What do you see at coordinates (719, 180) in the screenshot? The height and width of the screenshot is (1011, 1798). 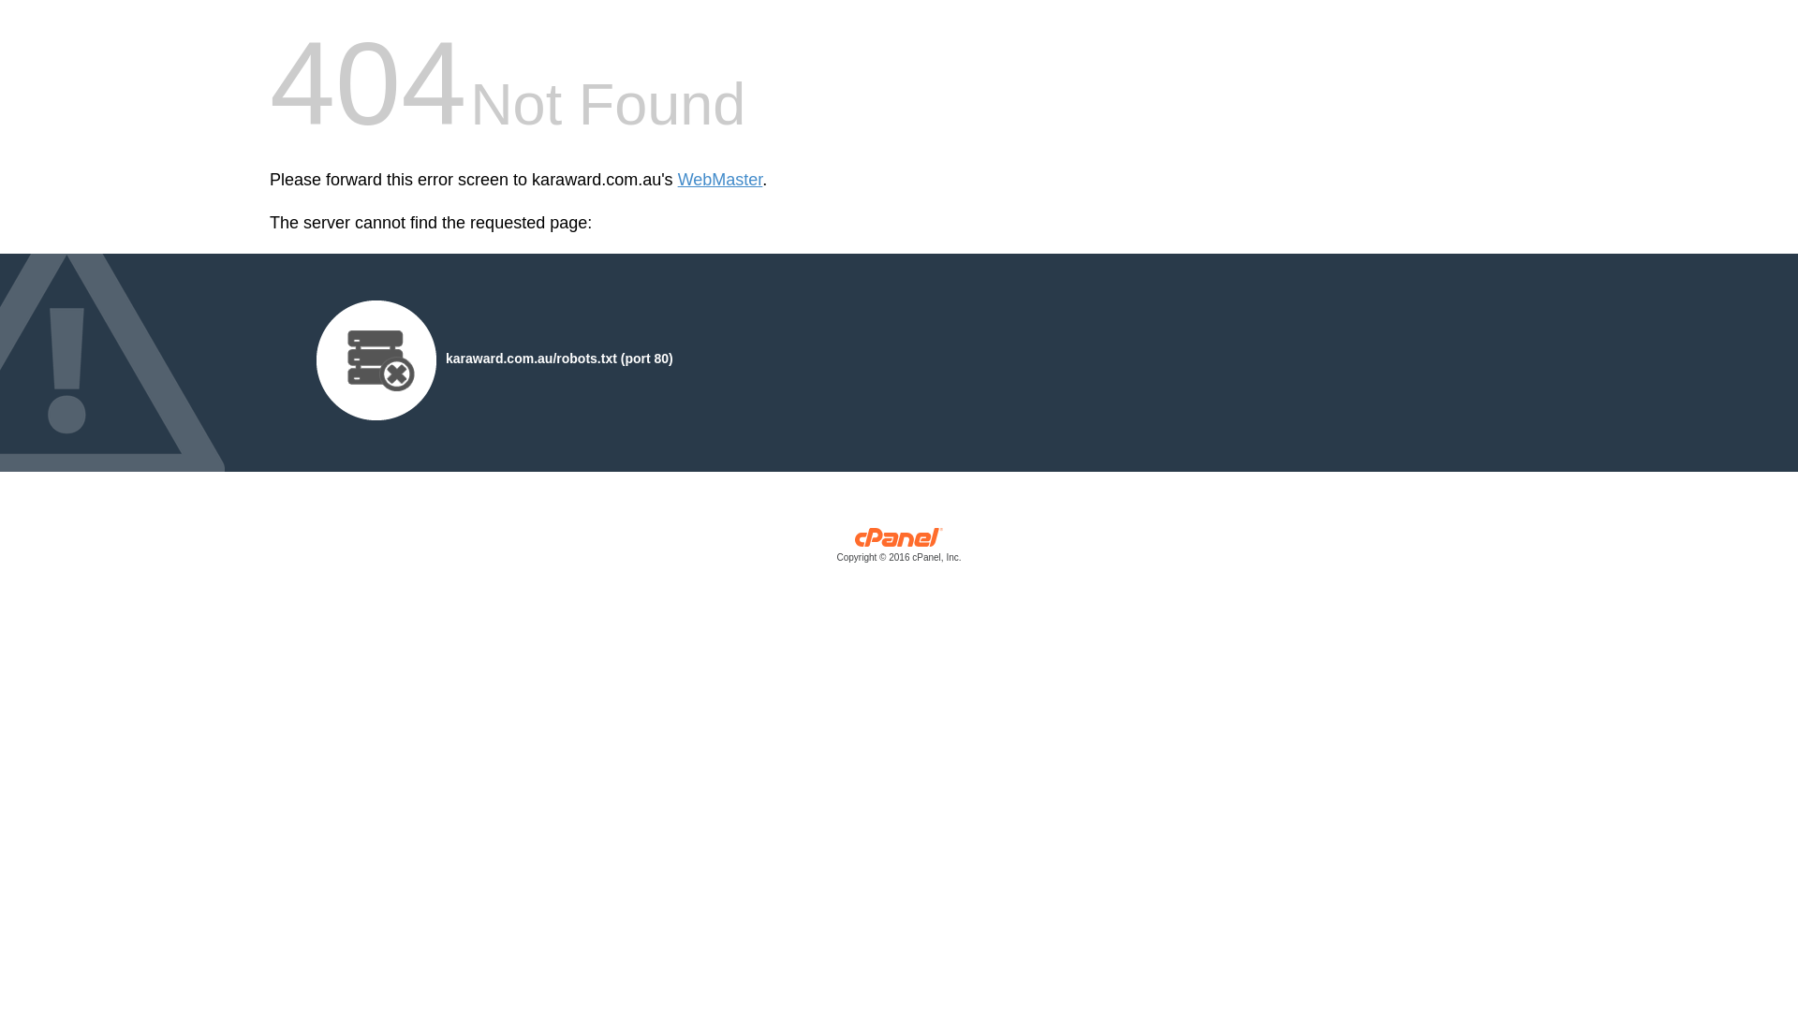 I see `'WebMaster'` at bounding box center [719, 180].